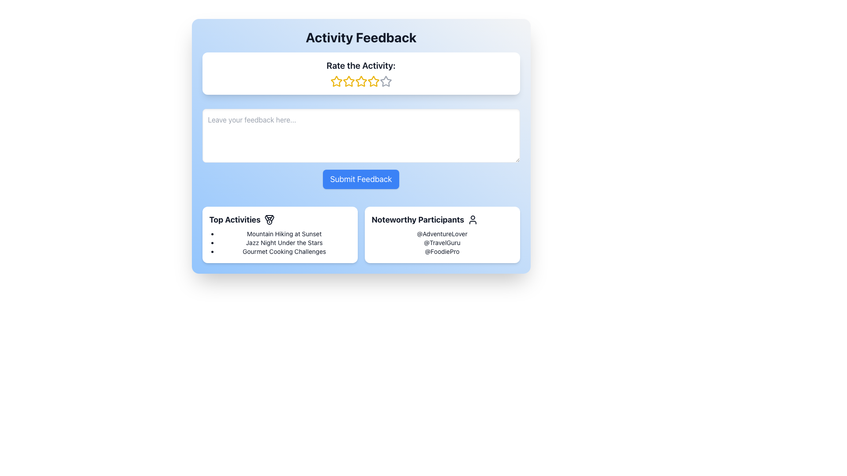 The width and height of the screenshot is (847, 476). What do you see at coordinates (336, 82) in the screenshot?
I see `the first star icon in the rating component located at the top of the feedback section near the 'Activity Feedback' header` at bounding box center [336, 82].